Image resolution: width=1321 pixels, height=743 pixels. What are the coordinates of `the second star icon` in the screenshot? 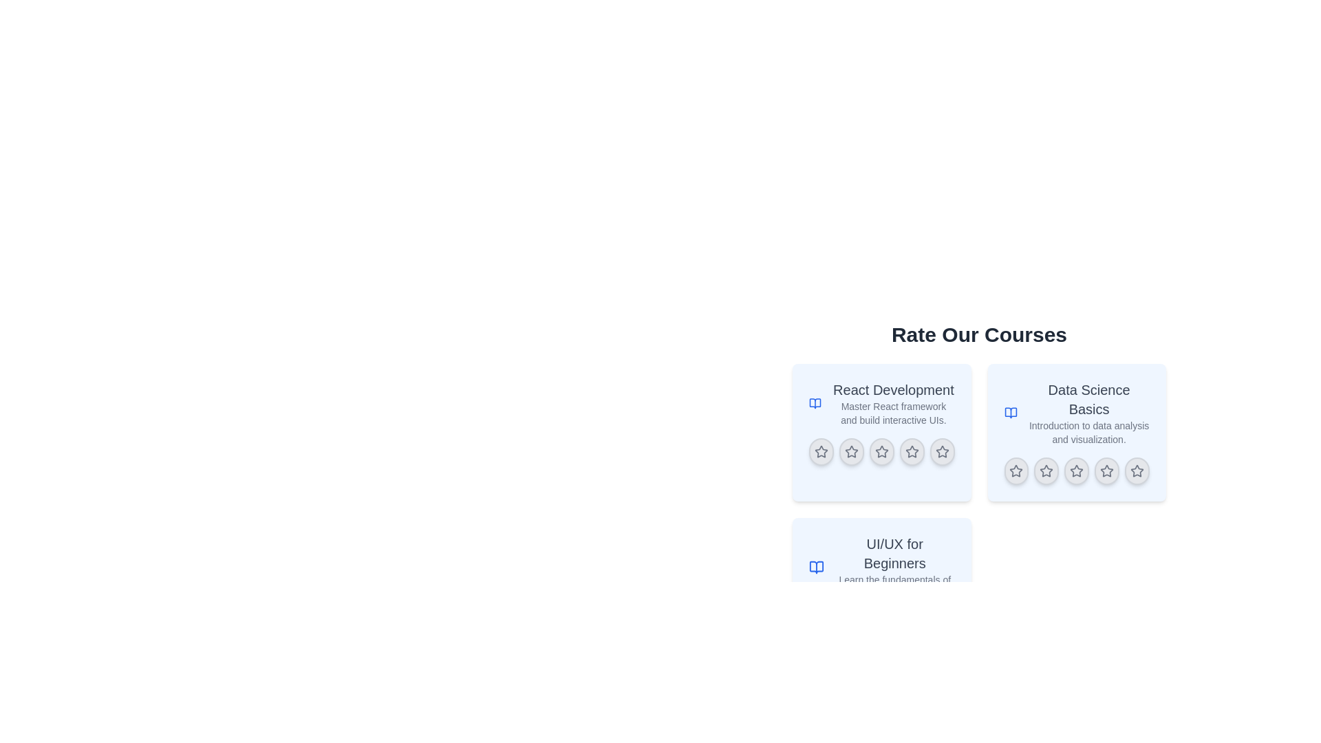 It's located at (850, 451).